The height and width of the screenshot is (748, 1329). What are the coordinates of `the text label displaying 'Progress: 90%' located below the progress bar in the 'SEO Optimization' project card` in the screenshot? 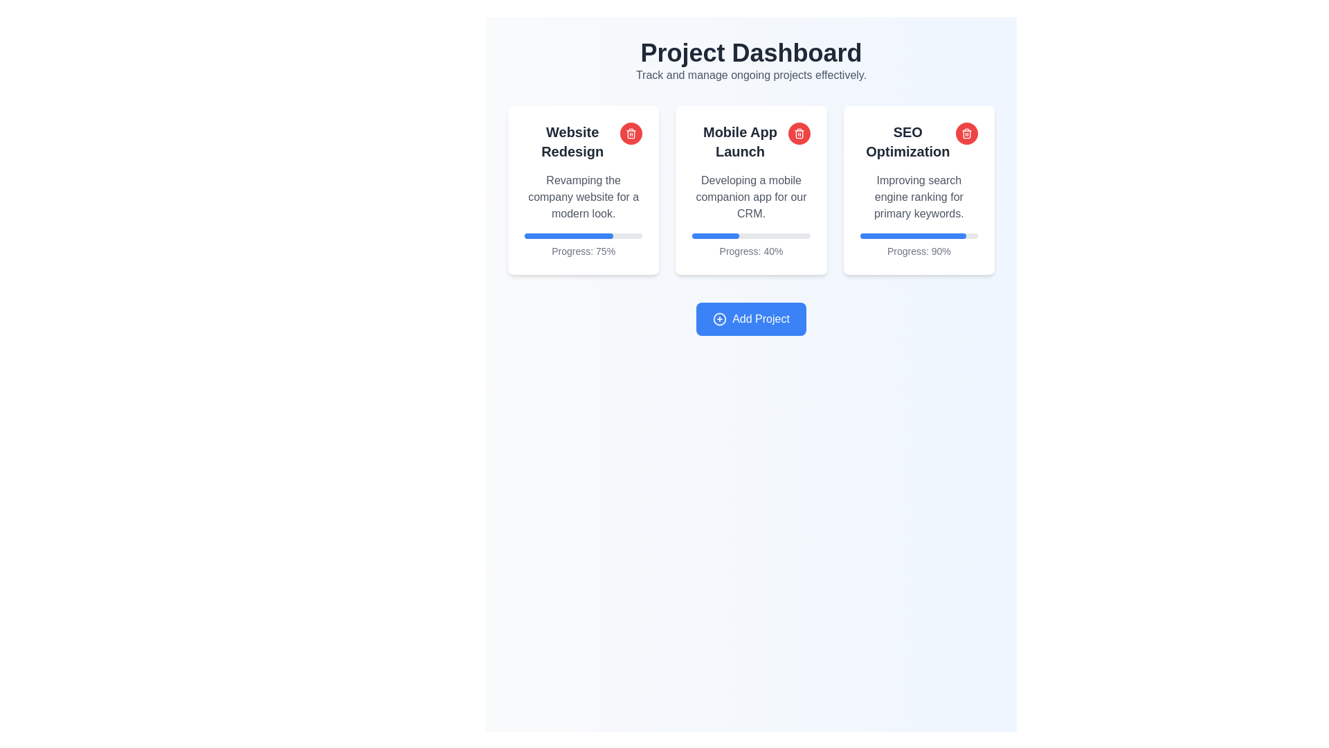 It's located at (919, 251).